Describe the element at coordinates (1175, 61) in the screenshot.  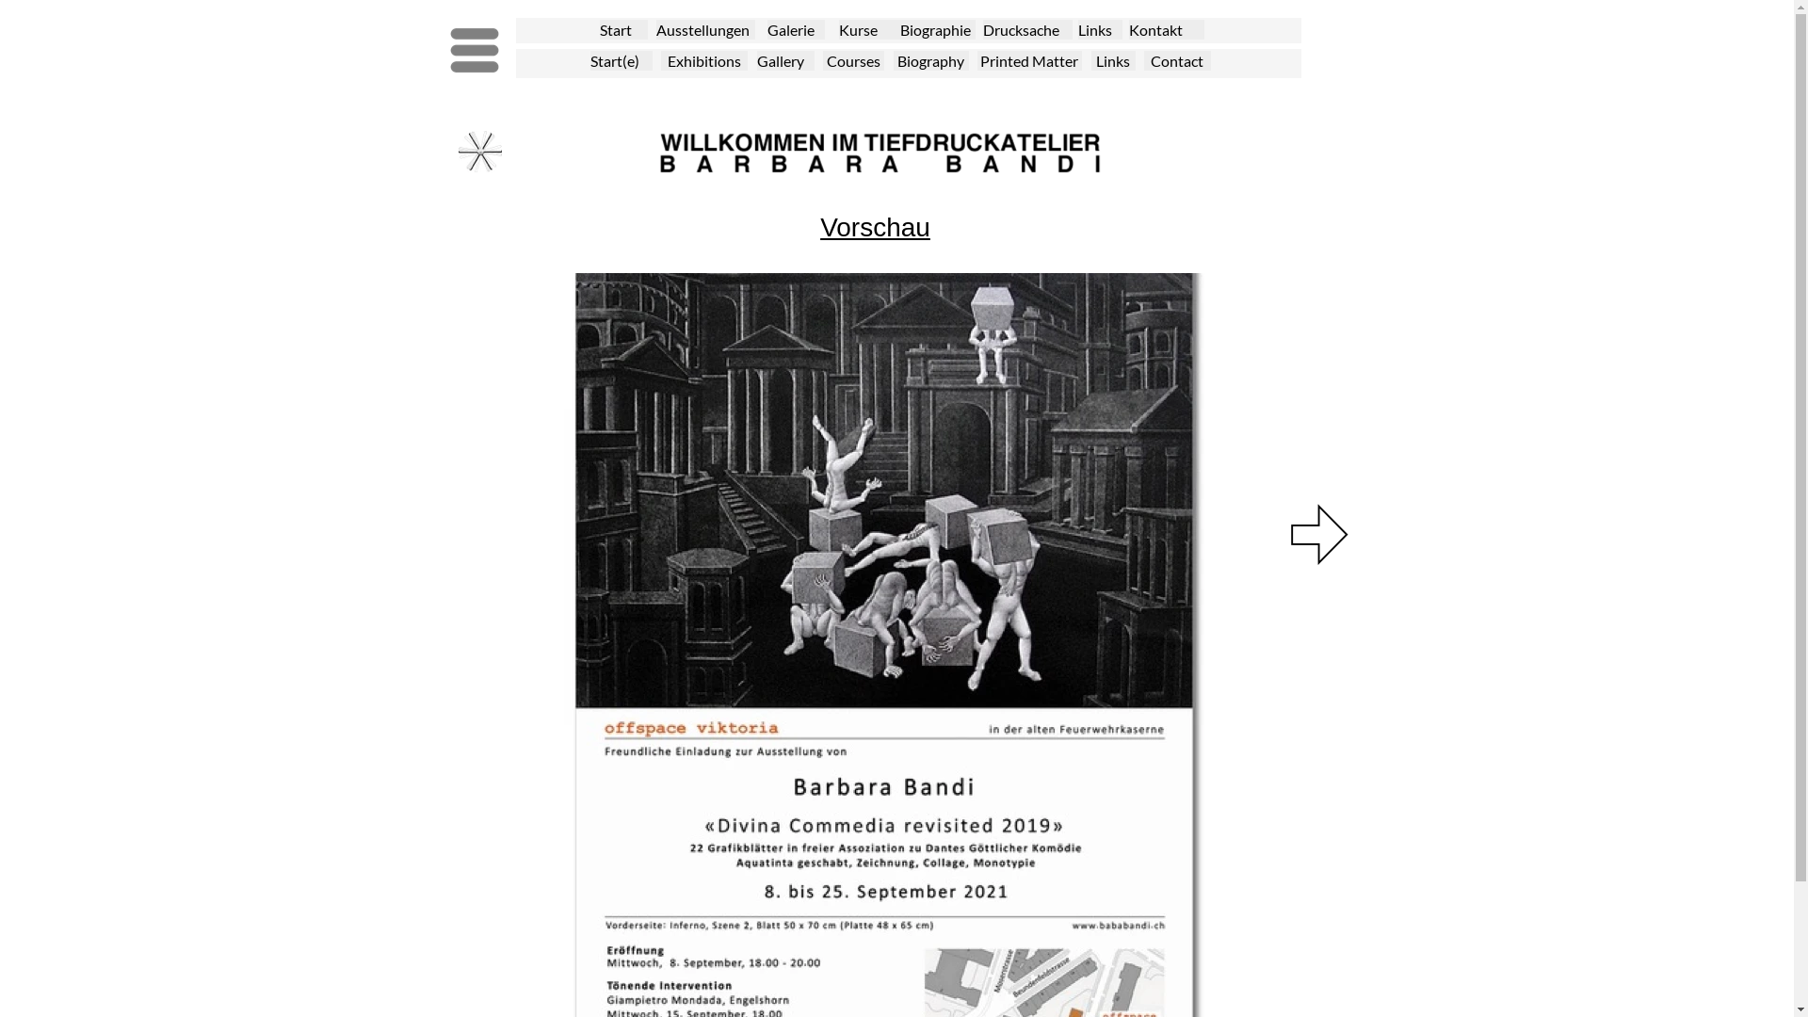
I see `'Contact'` at that location.